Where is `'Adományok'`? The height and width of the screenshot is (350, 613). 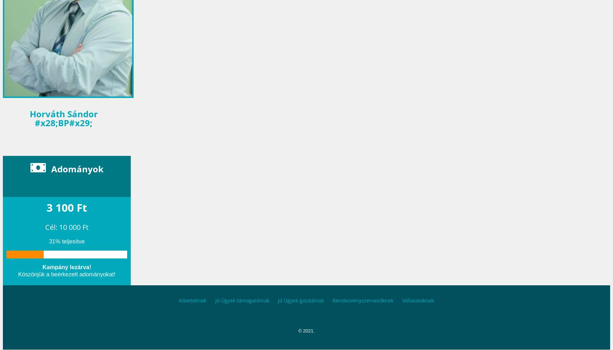 'Adományok' is located at coordinates (77, 168).